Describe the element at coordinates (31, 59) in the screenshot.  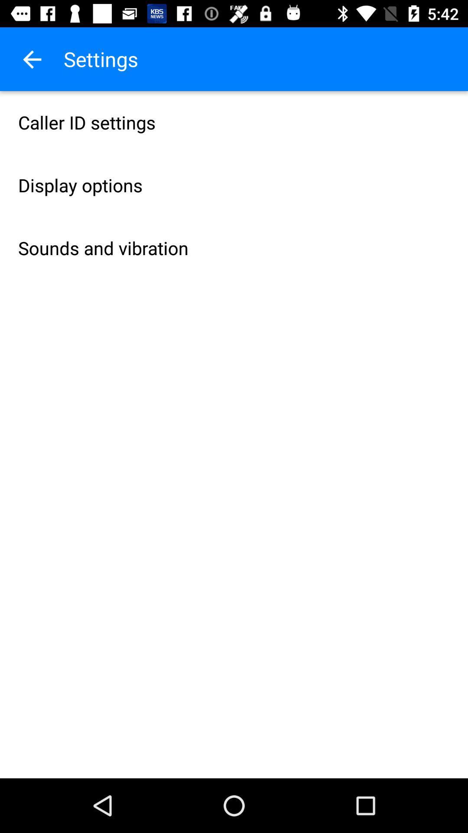
I see `the item next to settings` at that location.